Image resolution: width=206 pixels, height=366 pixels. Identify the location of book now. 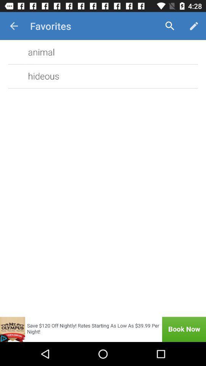
(103, 329).